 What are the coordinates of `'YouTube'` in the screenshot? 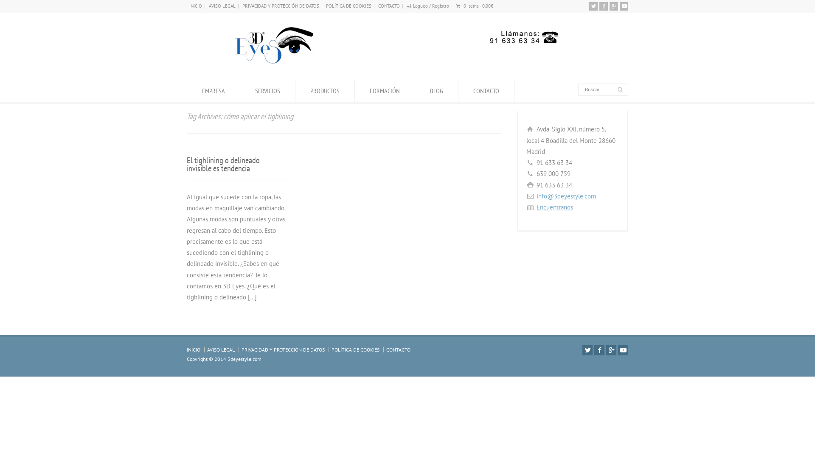 It's located at (624, 6).